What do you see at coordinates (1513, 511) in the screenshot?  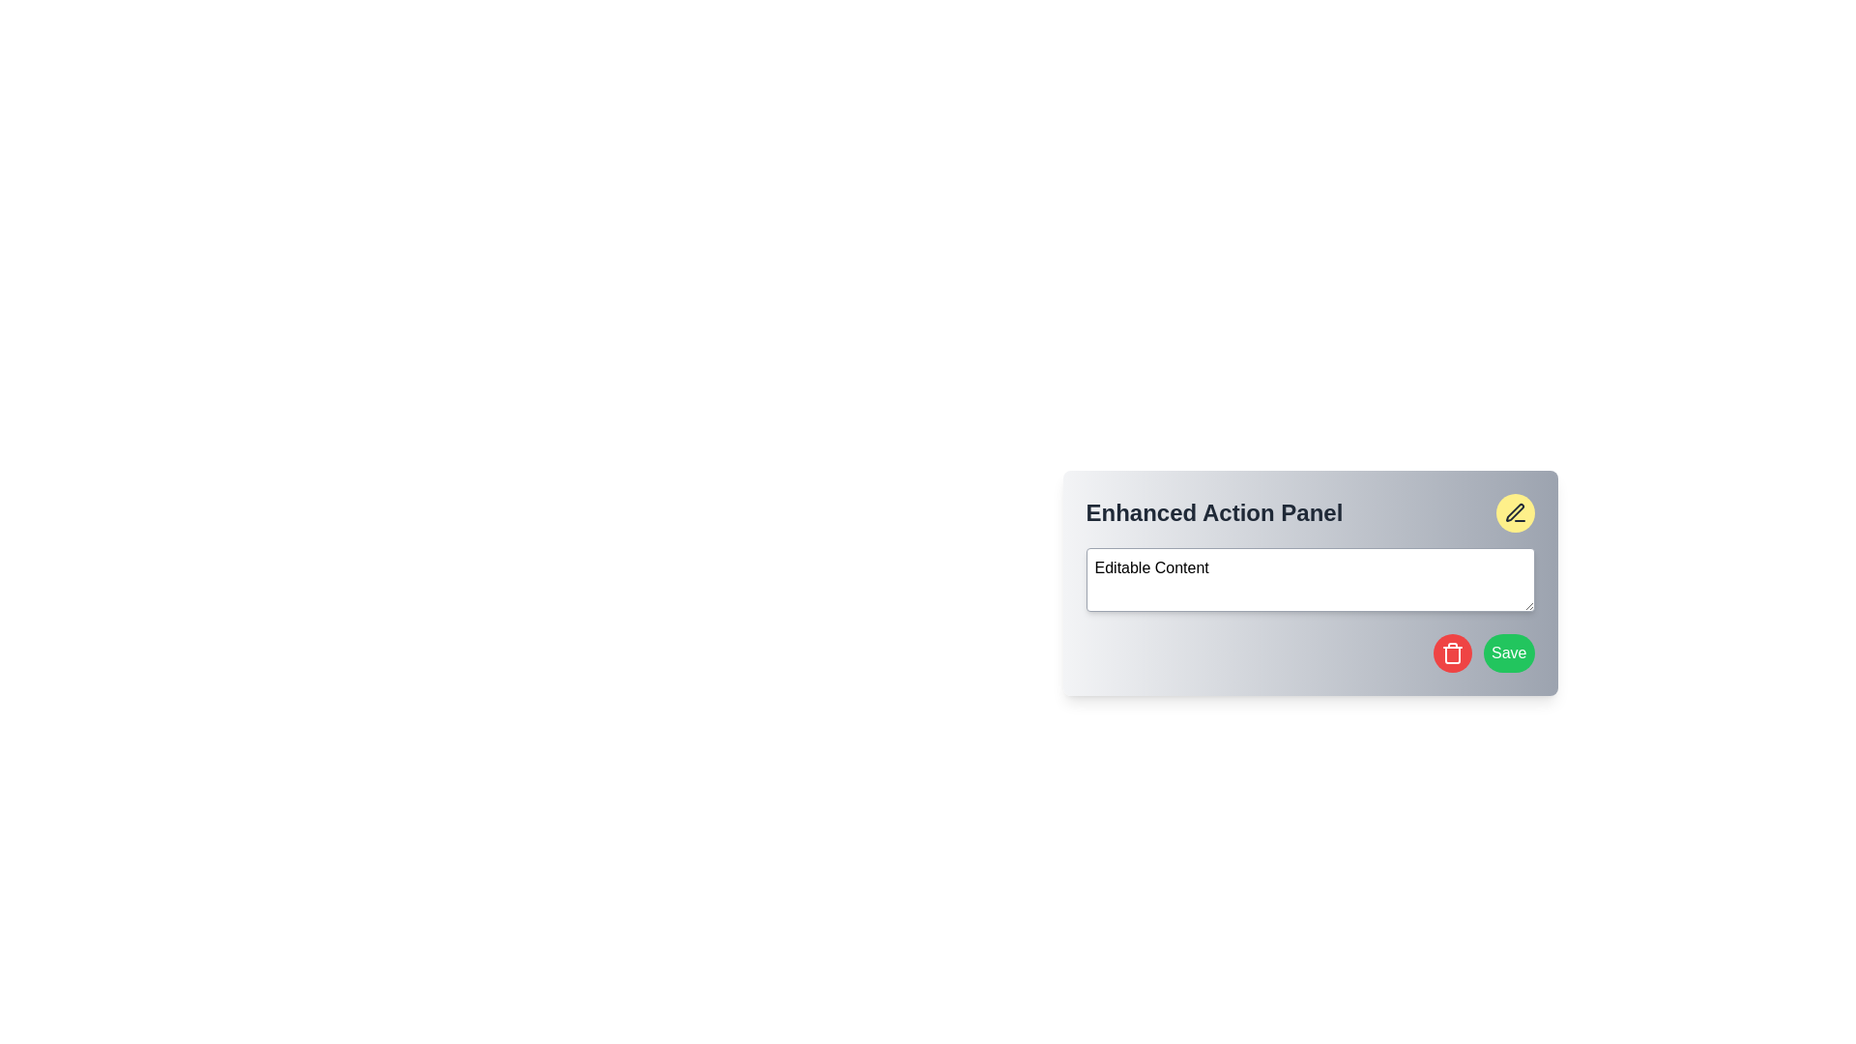 I see `the edit icon represented by a pen located at the top-right corner of the Enhanced Action Panel interface` at bounding box center [1513, 511].